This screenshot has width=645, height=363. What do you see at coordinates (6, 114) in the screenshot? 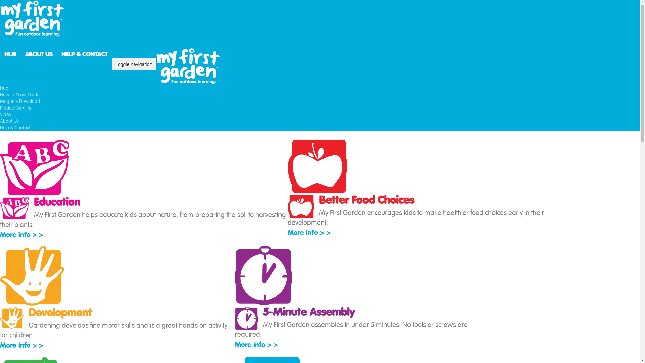
I see `'Video'` at bounding box center [6, 114].